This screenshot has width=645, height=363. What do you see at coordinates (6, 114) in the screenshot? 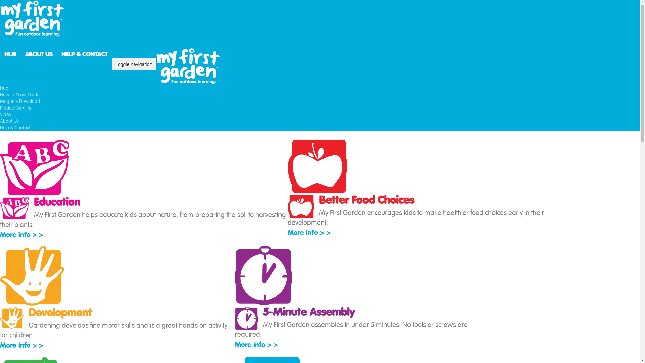
I see `'Video'` at bounding box center [6, 114].